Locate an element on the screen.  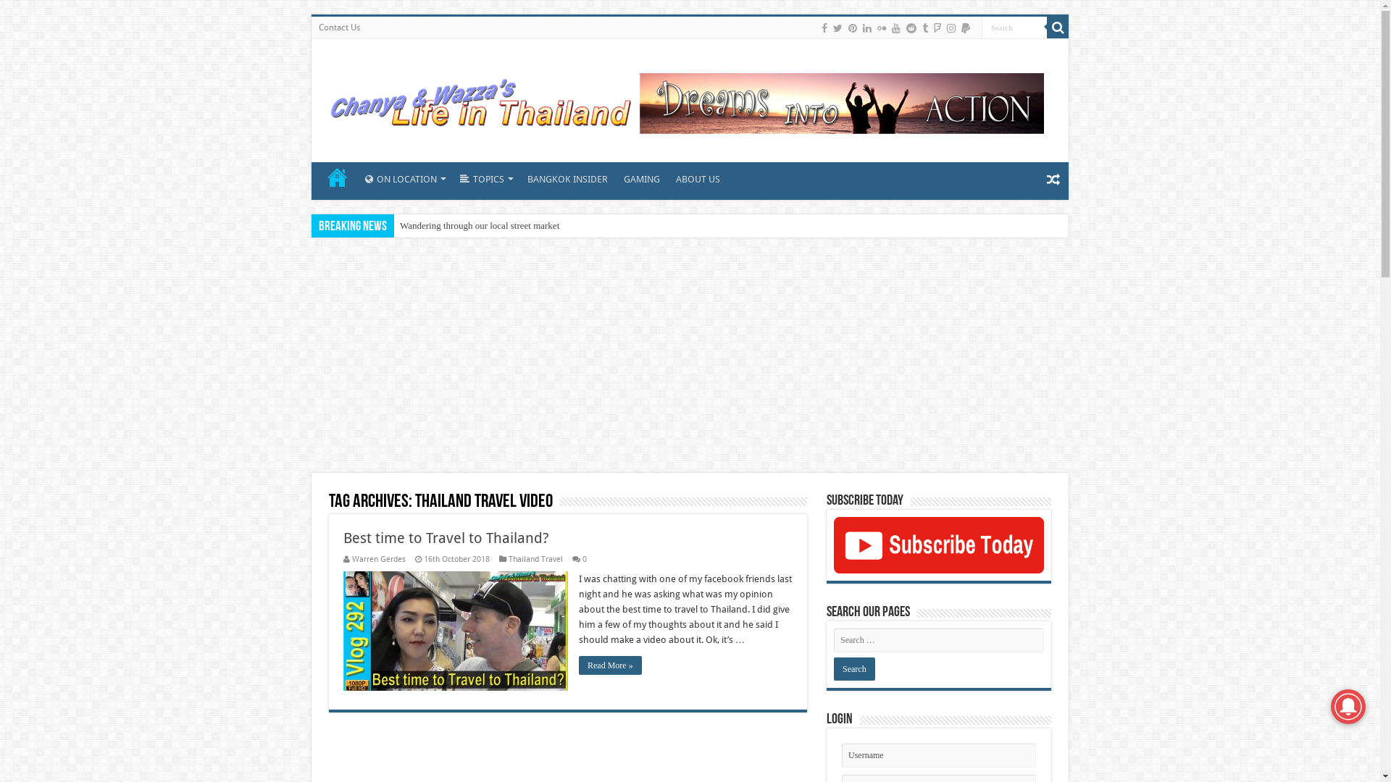
'Twitter' is located at coordinates (837, 28).